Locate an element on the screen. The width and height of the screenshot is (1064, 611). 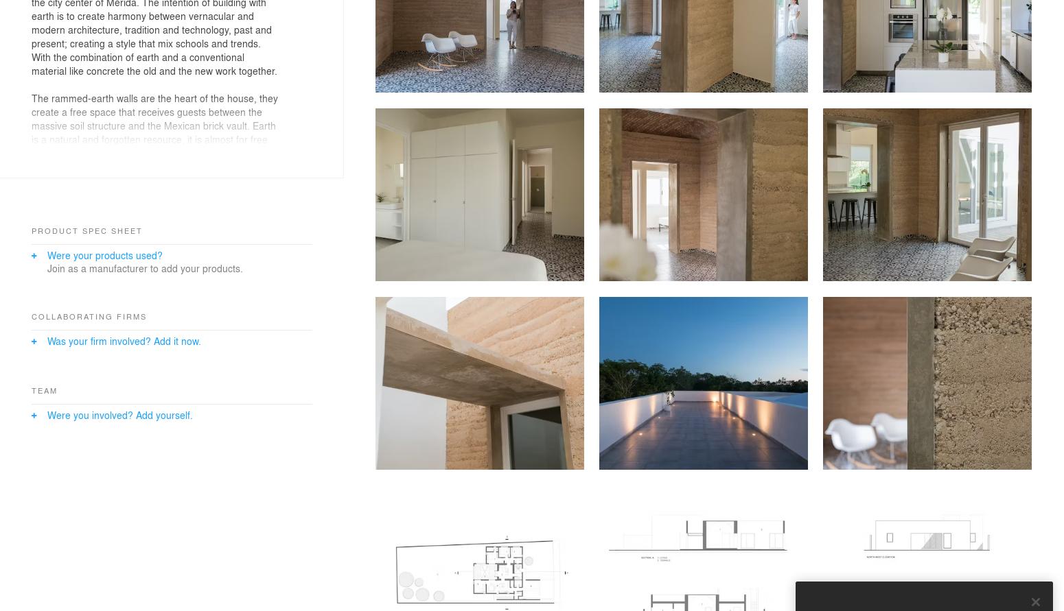
'Product Spec Sheet' is located at coordinates (86, 229).